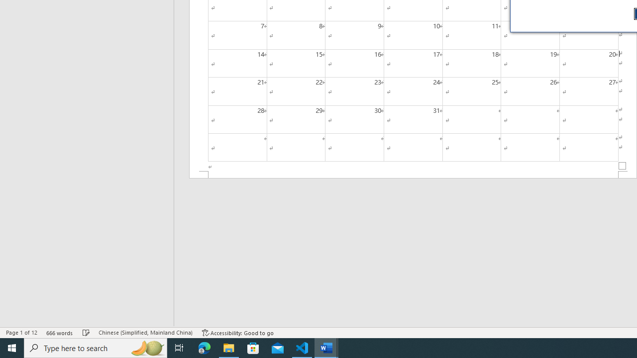 This screenshot has height=358, width=637. I want to click on 'Search highlights icon opens search home window', so click(146, 347).